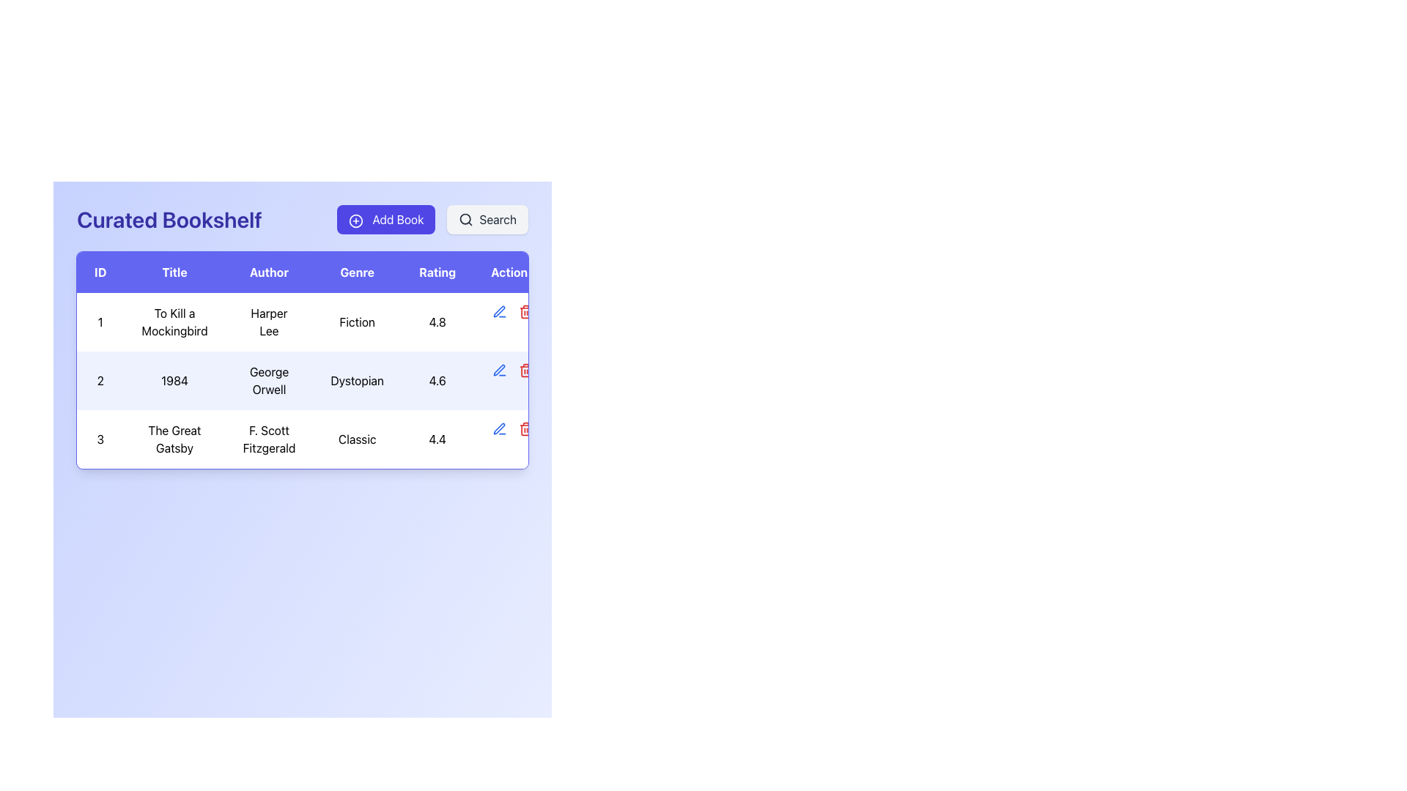 The height and width of the screenshot is (791, 1407). Describe the element at coordinates (174, 439) in the screenshot. I see `the text label displaying the title 'The Great Gatsby', which is located in the third row of a table under the 'Title' column` at that location.